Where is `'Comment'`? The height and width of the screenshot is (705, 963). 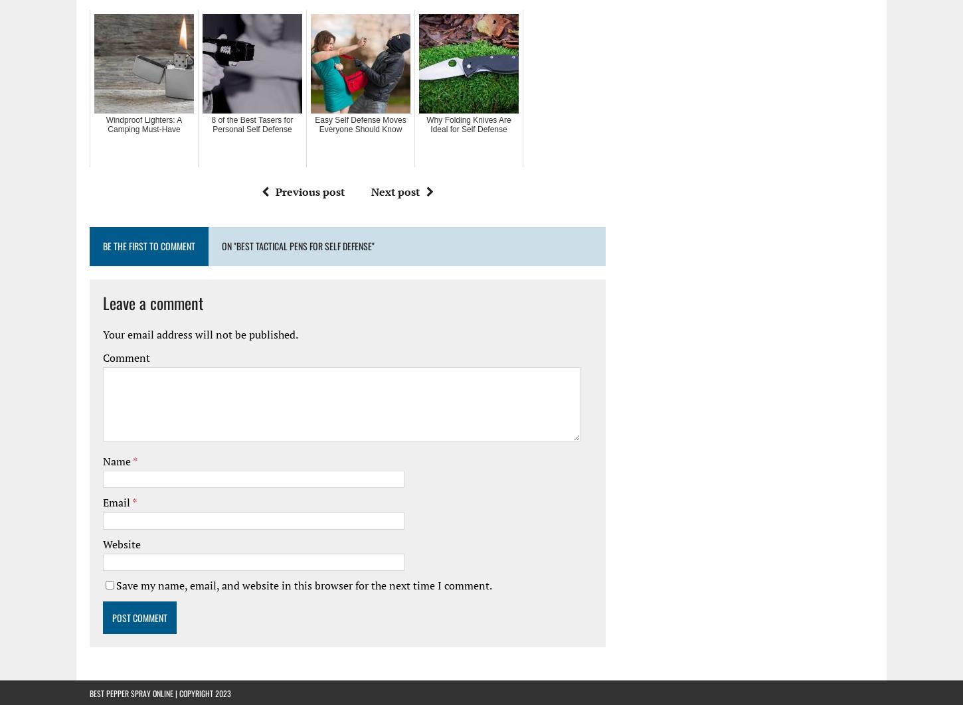 'Comment' is located at coordinates (126, 357).